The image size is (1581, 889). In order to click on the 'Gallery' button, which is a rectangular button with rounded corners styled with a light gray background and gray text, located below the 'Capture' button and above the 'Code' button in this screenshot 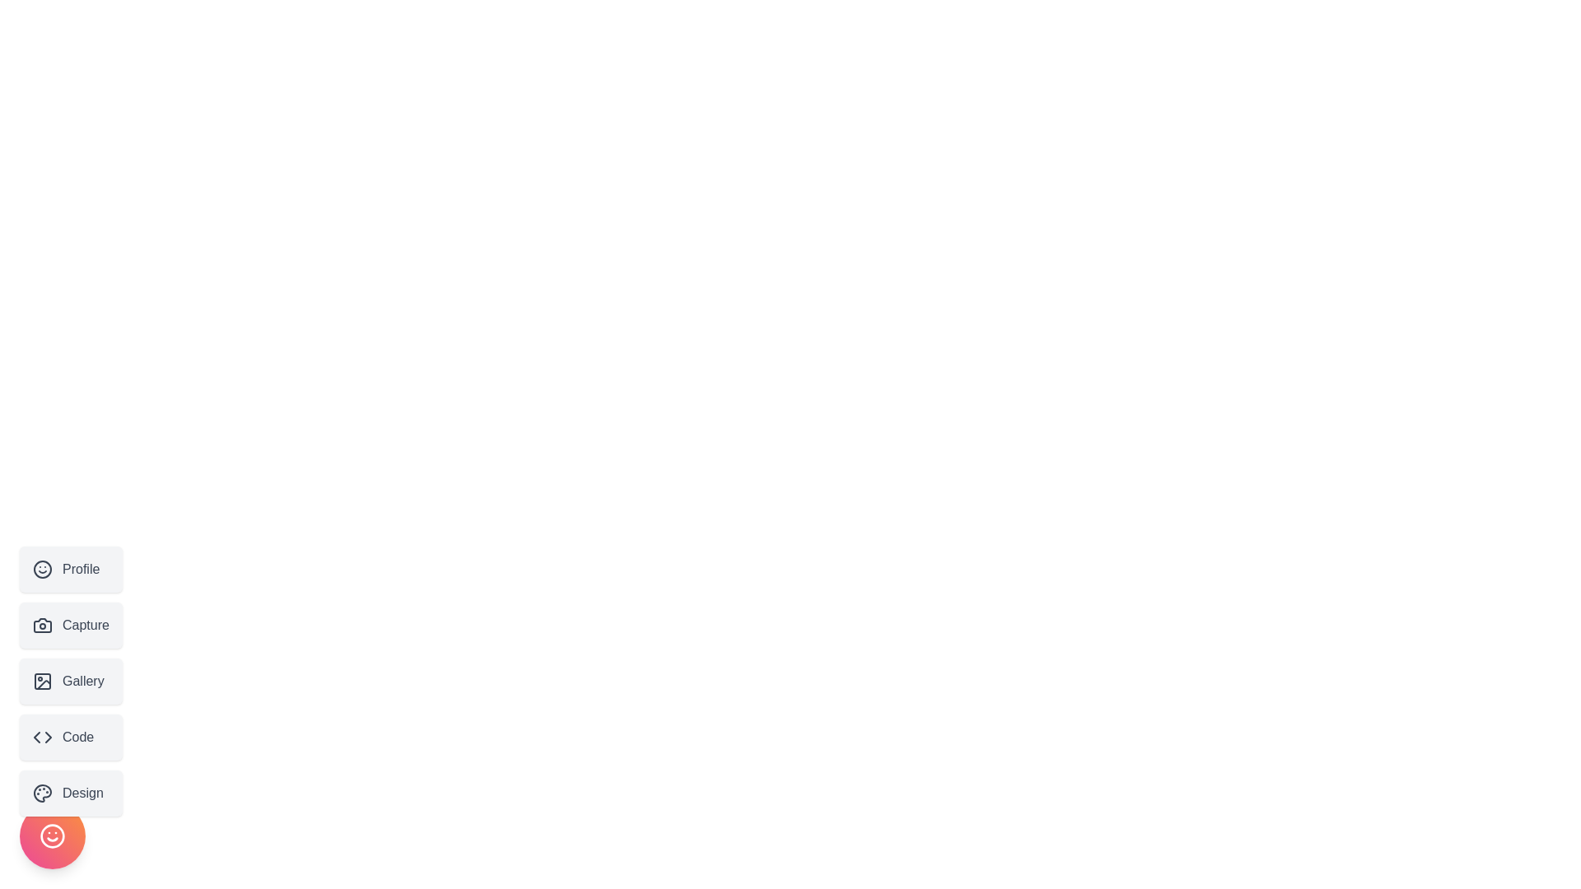, I will do `click(70, 682)`.